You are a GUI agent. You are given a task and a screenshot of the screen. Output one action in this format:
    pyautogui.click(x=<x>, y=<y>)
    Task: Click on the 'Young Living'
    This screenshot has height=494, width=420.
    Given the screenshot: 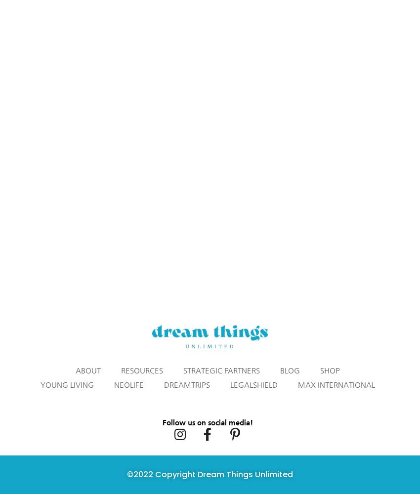 What is the action you would take?
    pyautogui.click(x=66, y=384)
    